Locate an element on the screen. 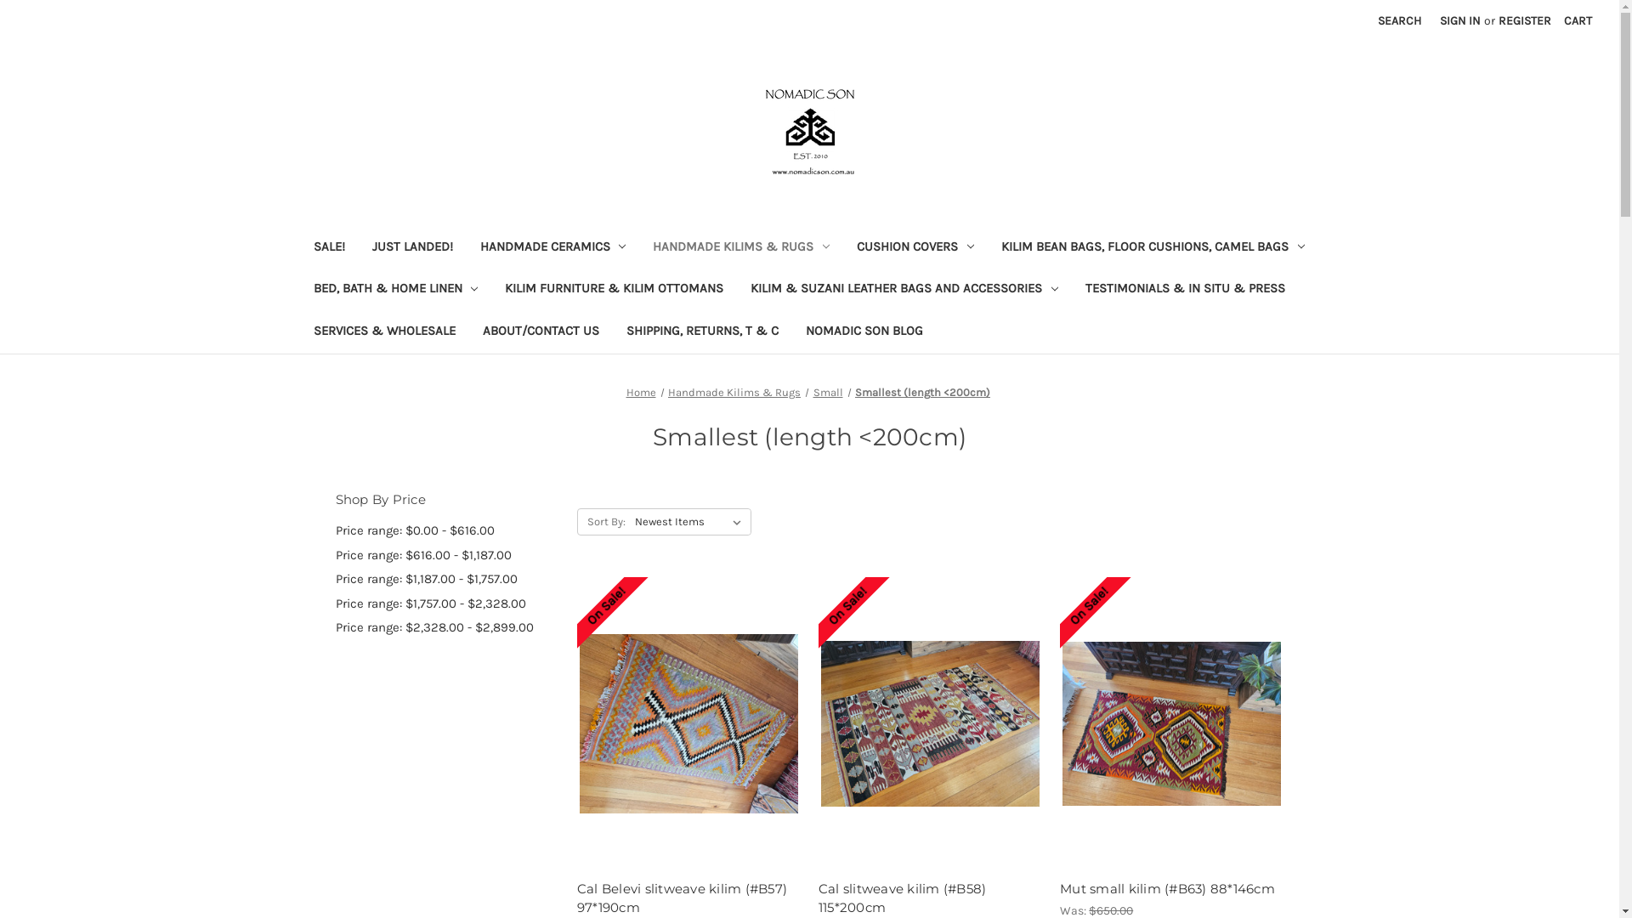  'KILIM BEAN BAGS, FLOOR CUSHIONS, CAMEL BAGS' is located at coordinates (1153, 248).